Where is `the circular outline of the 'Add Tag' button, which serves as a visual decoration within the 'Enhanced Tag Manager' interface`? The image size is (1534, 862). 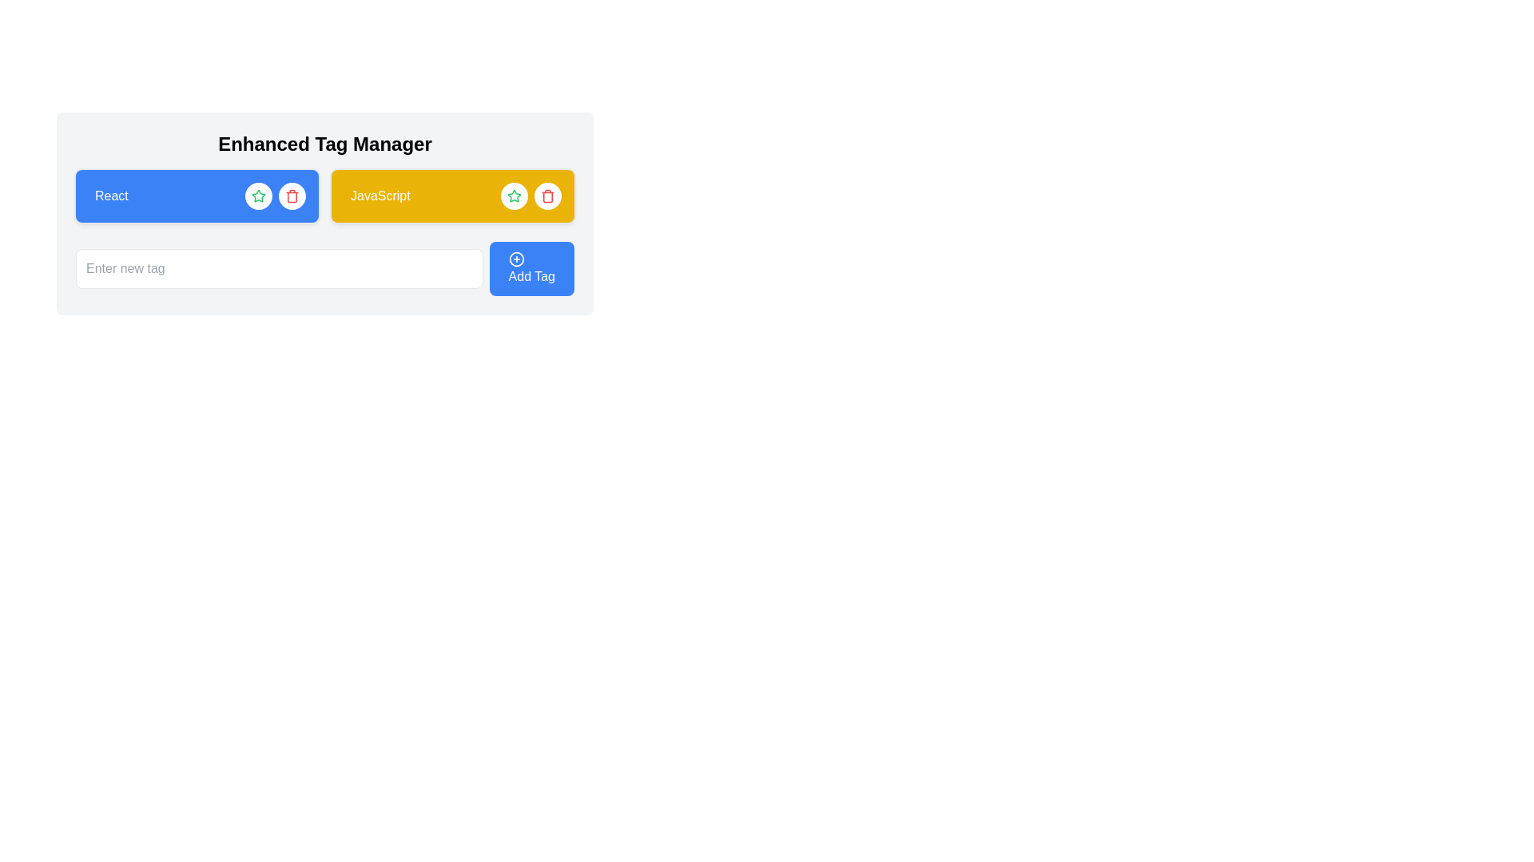
the circular outline of the 'Add Tag' button, which serves as a visual decoration within the 'Enhanced Tag Manager' interface is located at coordinates (516, 258).